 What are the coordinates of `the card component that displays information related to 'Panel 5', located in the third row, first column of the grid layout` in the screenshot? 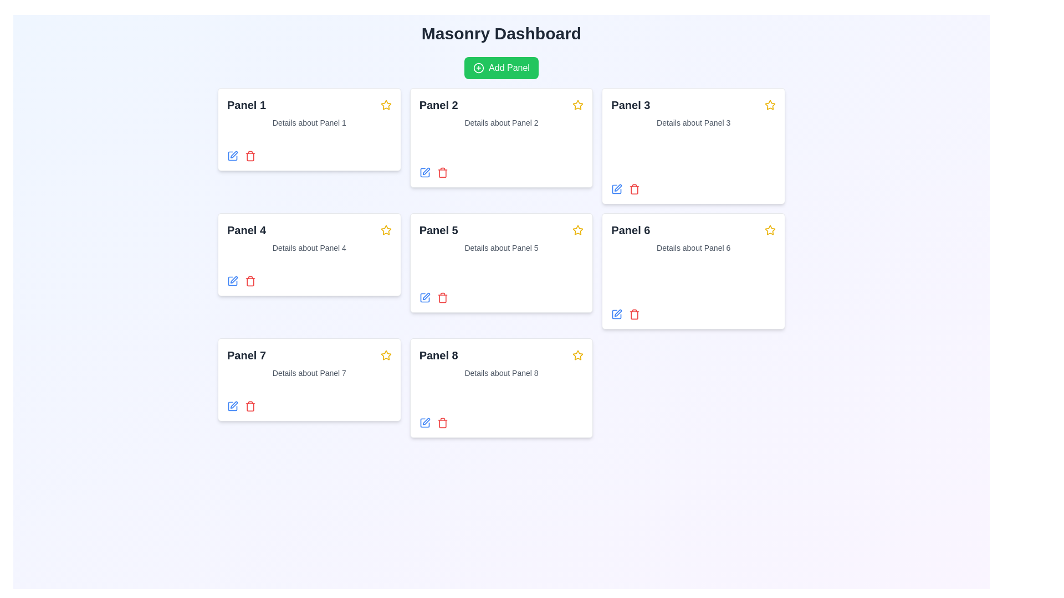 It's located at (500, 262).